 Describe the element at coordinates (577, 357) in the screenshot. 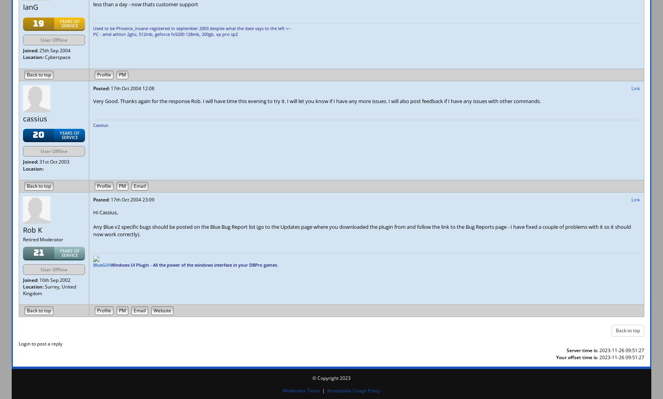

I see `'Your offset time is:'` at that location.